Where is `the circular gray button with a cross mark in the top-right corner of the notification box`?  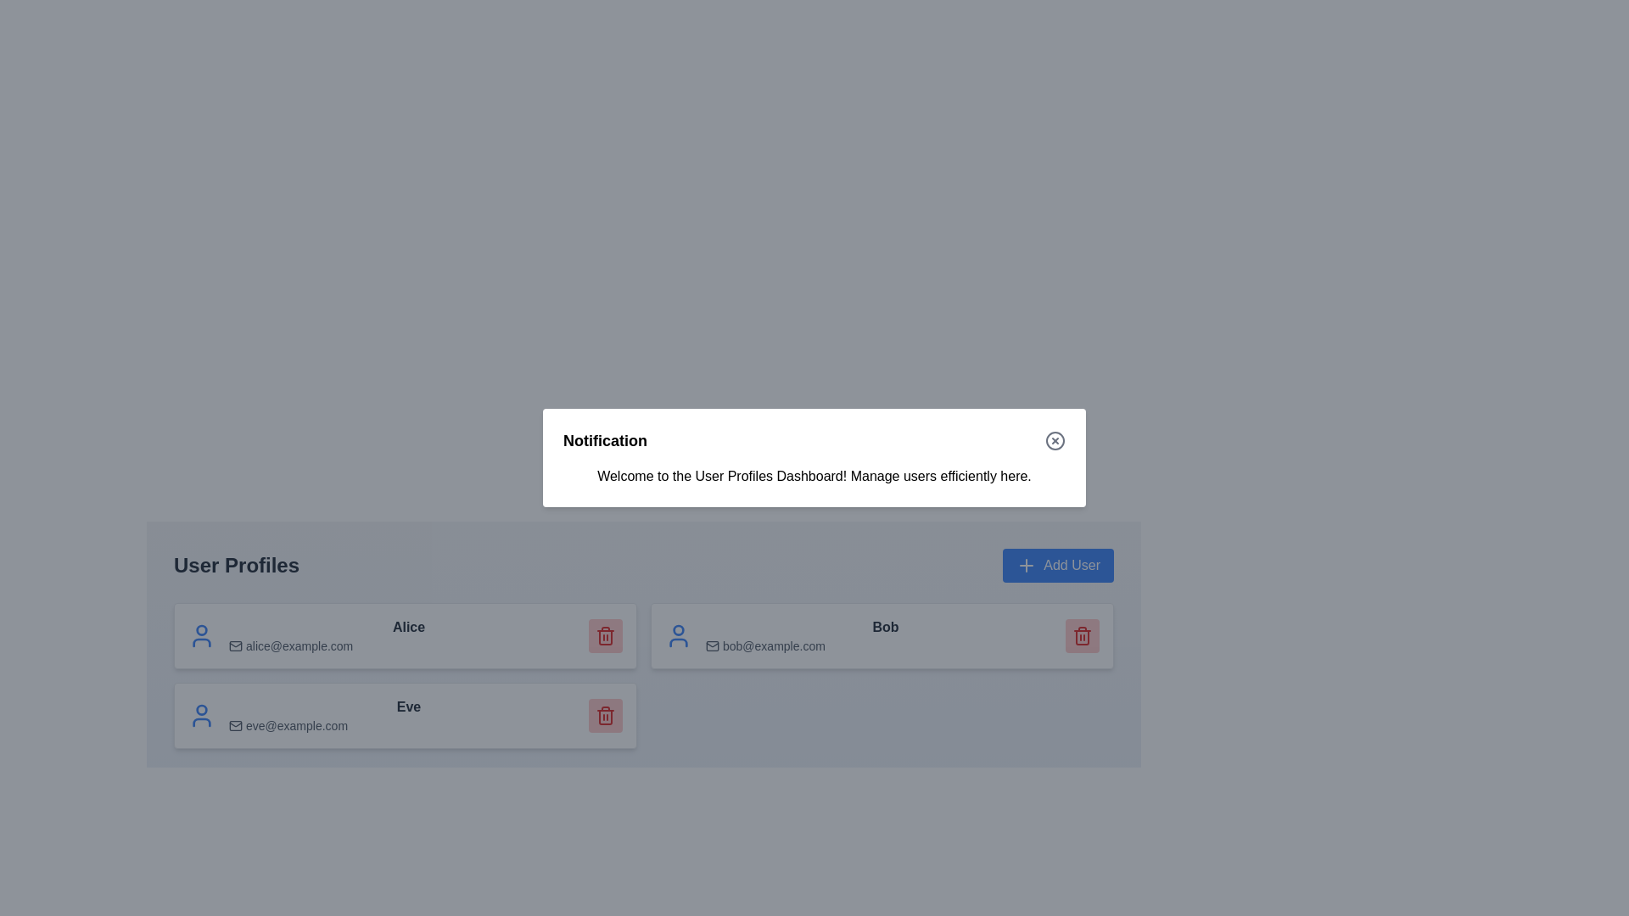
the circular gray button with a cross mark in the top-right corner of the notification box is located at coordinates (1054, 440).